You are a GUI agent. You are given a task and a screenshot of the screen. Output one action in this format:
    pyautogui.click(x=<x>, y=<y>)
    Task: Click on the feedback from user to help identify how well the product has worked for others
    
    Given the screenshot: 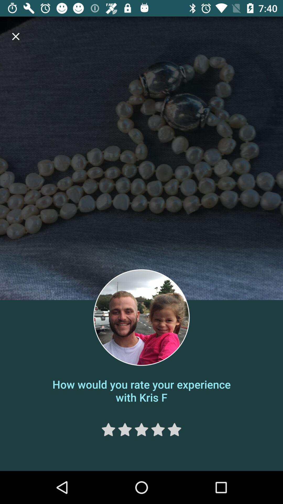 What is the action you would take?
    pyautogui.click(x=125, y=429)
    